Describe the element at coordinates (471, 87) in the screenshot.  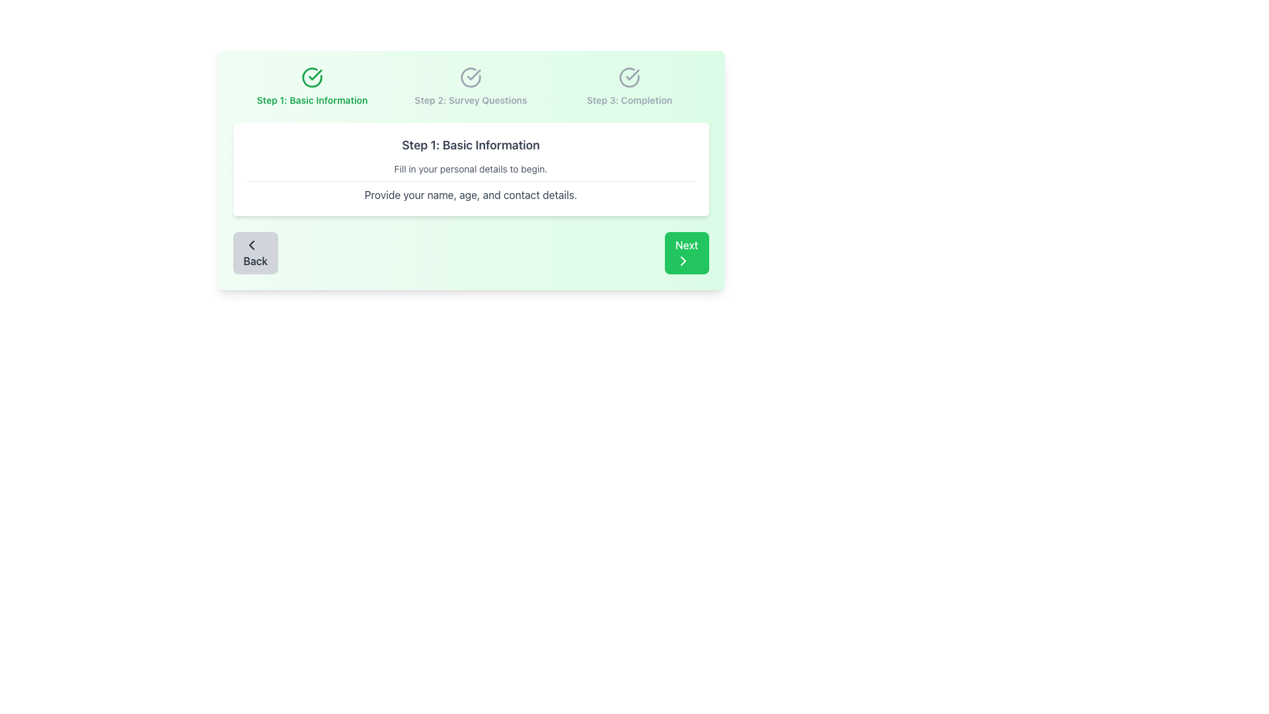
I see `the text label reading 'Step 2: Survey Questions', which is styled in gray and located in the progress indicator section of the interface` at that location.